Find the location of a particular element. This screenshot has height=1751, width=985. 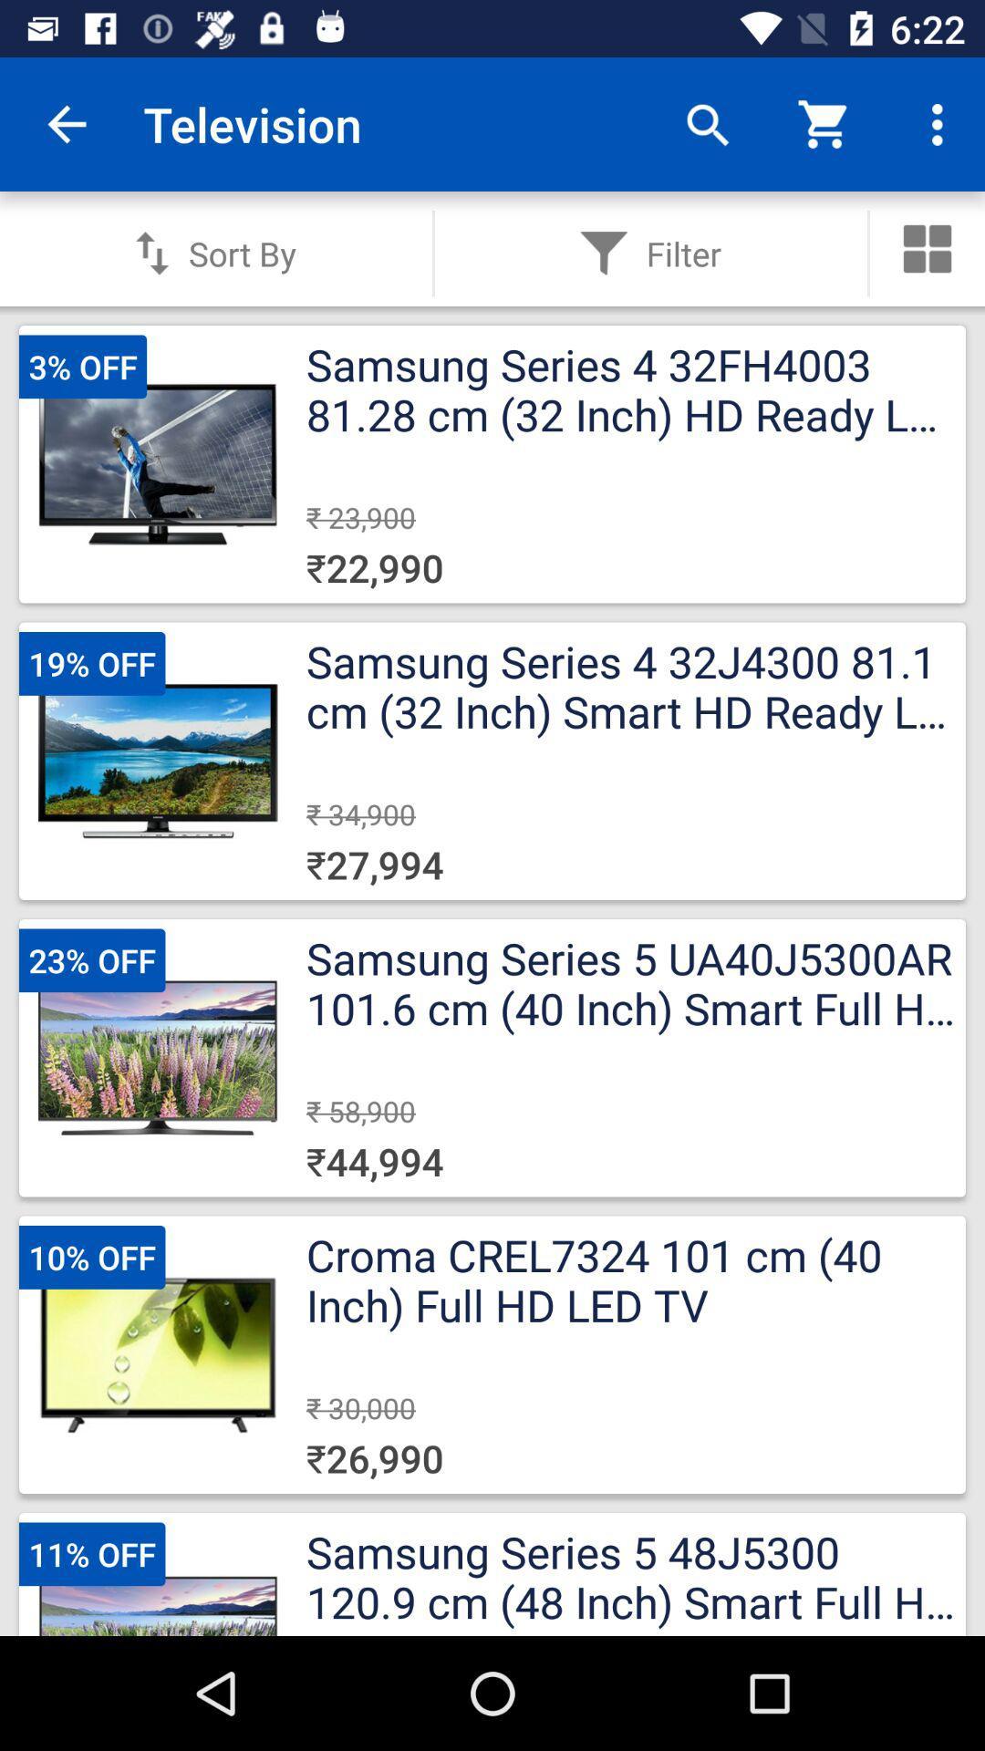

image of samsung series 5 is located at coordinates (157, 1058).